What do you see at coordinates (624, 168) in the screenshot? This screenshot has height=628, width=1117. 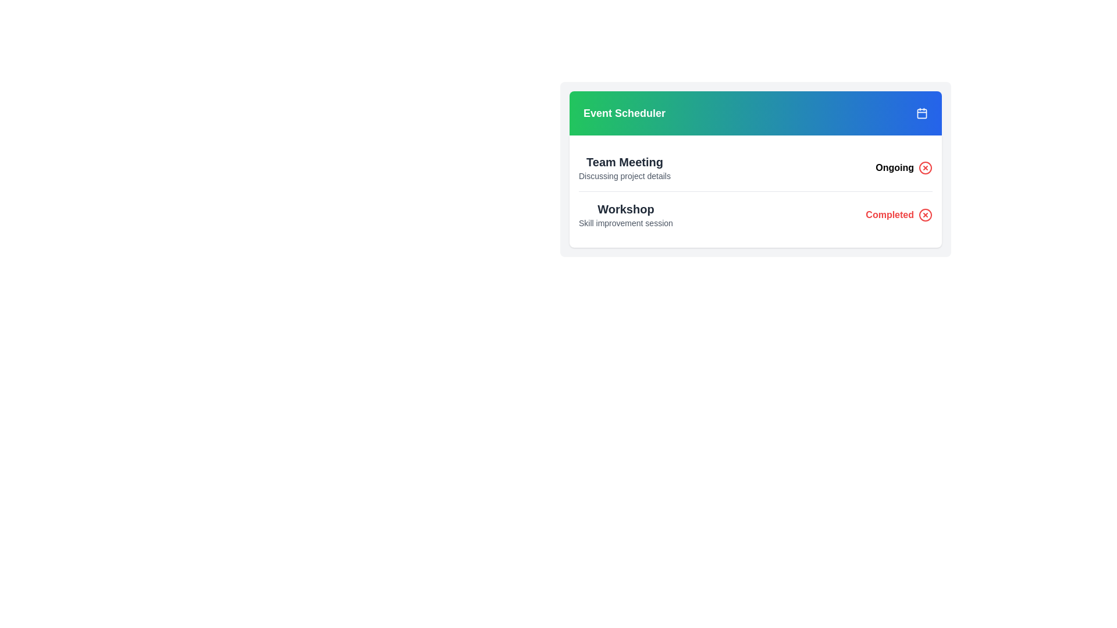 I see `contents of the Combined Display Text Block, which displays the event's title and description, located above the 'Workshop' entry in the Event Scheduler section` at bounding box center [624, 168].